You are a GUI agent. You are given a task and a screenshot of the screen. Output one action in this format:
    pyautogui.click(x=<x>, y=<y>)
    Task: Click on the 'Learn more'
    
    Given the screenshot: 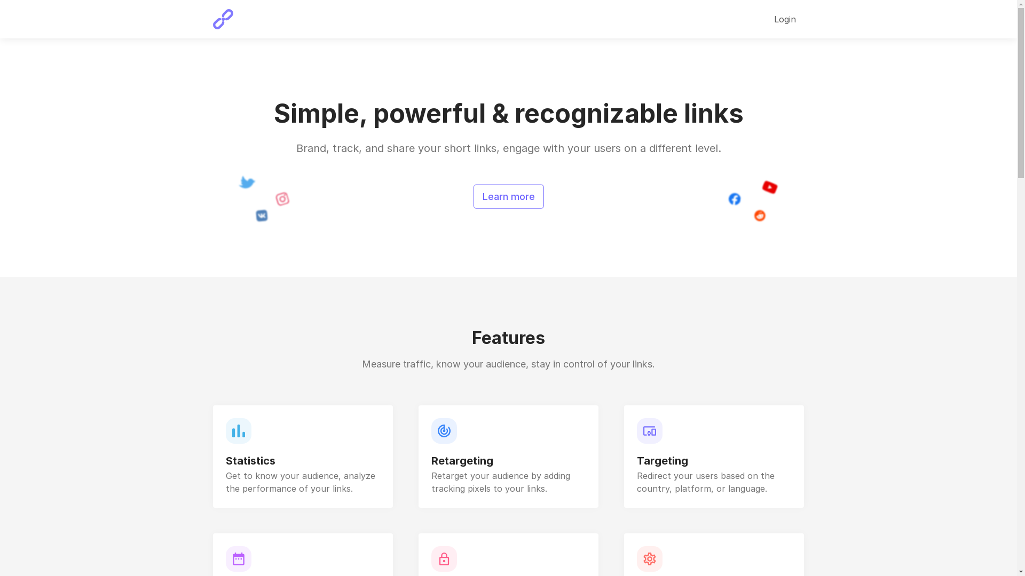 What is the action you would take?
    pyautogui.click(x=472, y=196)
    